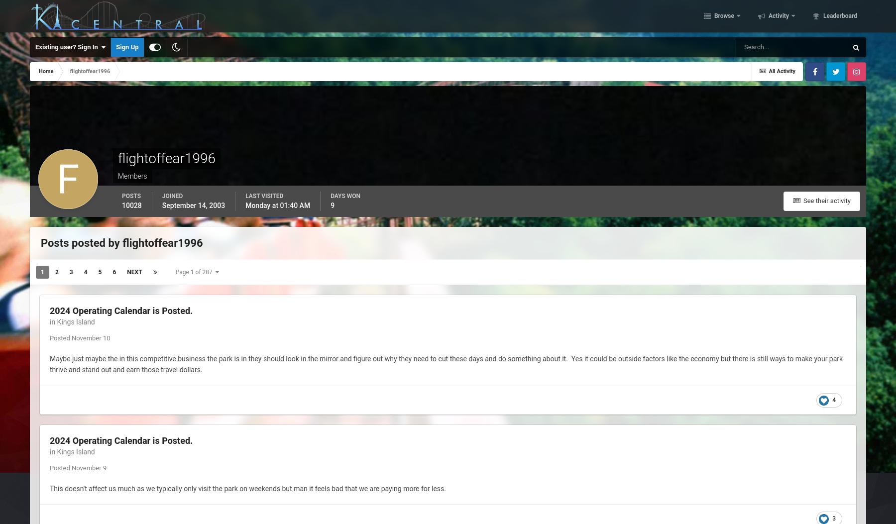  What do you see at coordinates (175, 272) in the screenshot?
I see `'Page 1 of 287'` at bounding box center [175, 272].